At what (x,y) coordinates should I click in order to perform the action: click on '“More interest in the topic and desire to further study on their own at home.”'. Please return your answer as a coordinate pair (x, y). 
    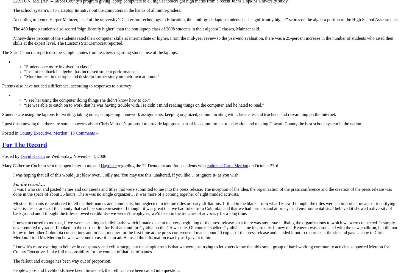
    Looking at the image, I should click on (91, 76).